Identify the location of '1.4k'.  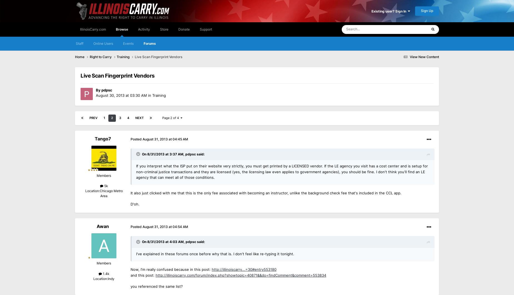
(101, 274).